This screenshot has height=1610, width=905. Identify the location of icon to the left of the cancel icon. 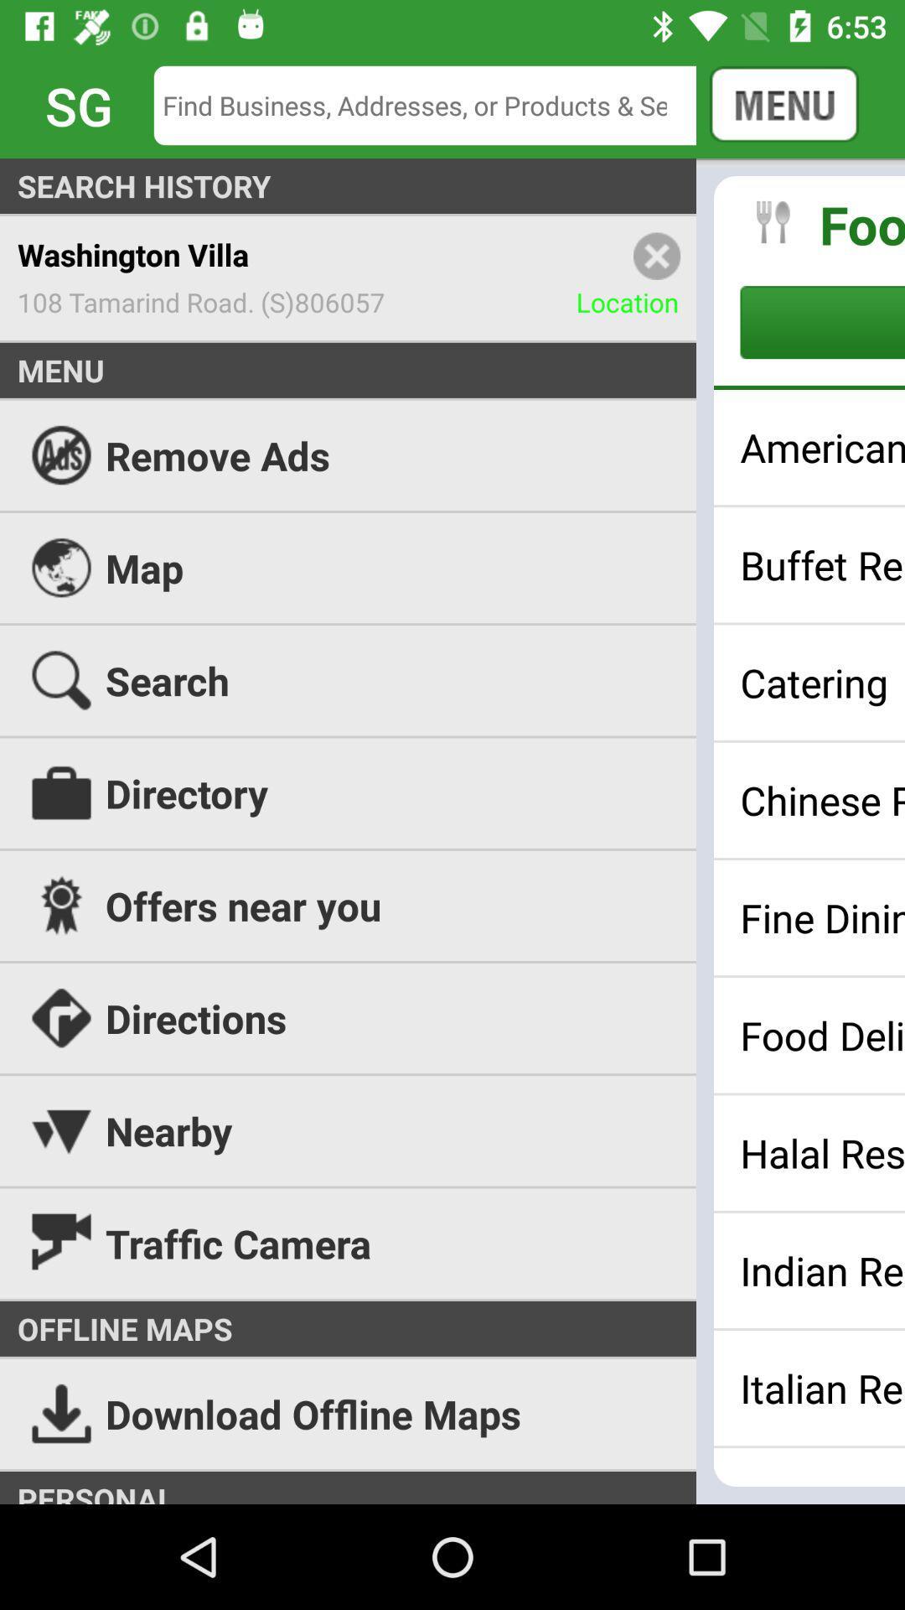
(437, 104).